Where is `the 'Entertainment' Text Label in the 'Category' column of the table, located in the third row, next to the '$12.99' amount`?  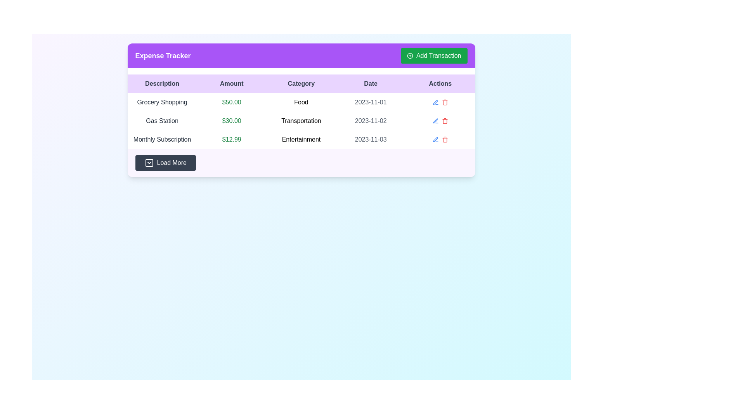 the 'Entertainment' Text Label in the 'Category' column of the table, located in the third row, next to the '$12.99' amount is located at coordinates (301, 139).